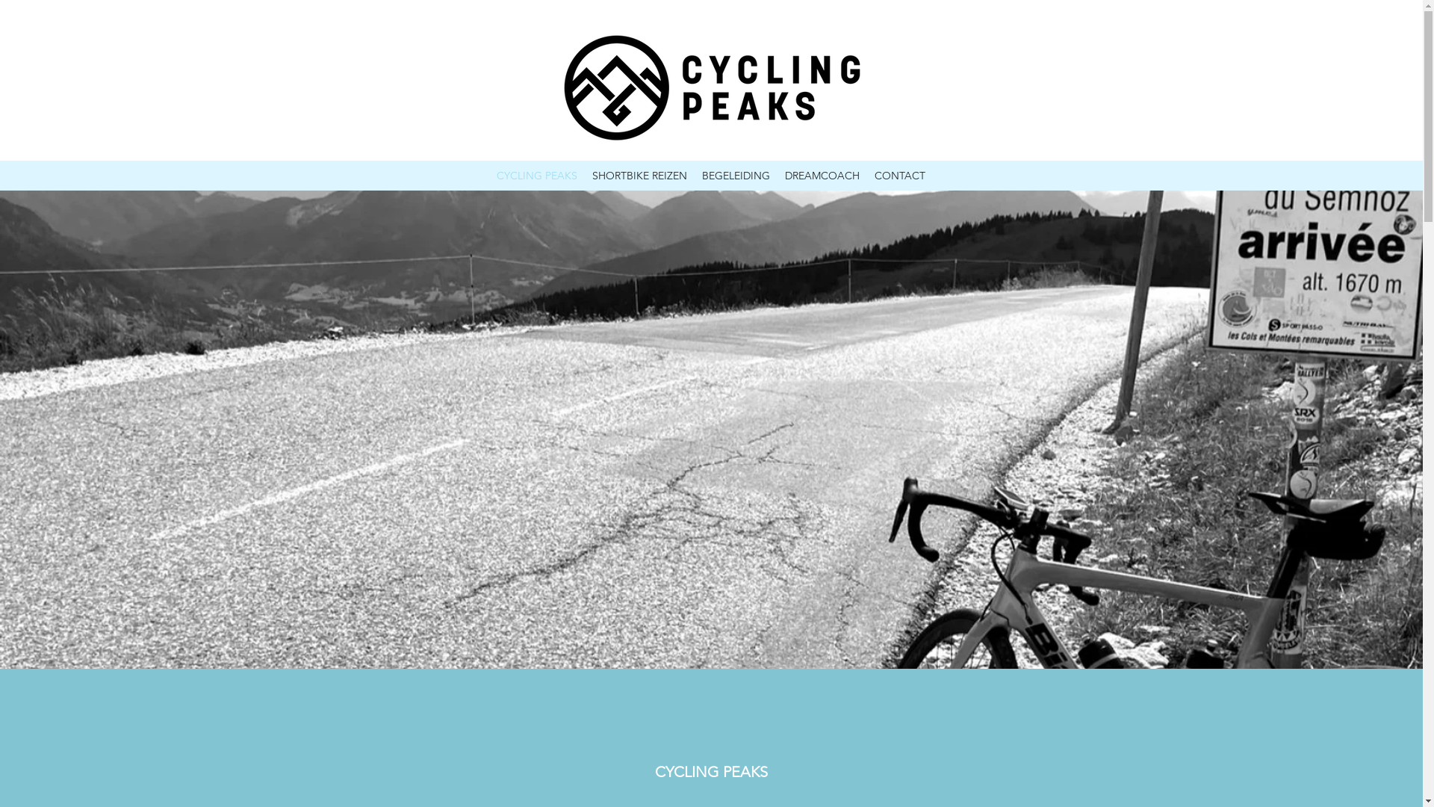 The width and height of the screenshot is (1434, 807). Describe the element at coordinates (639, 175) in the screenshot. I see `'SHORTBIKE REIZEN'` at that location.